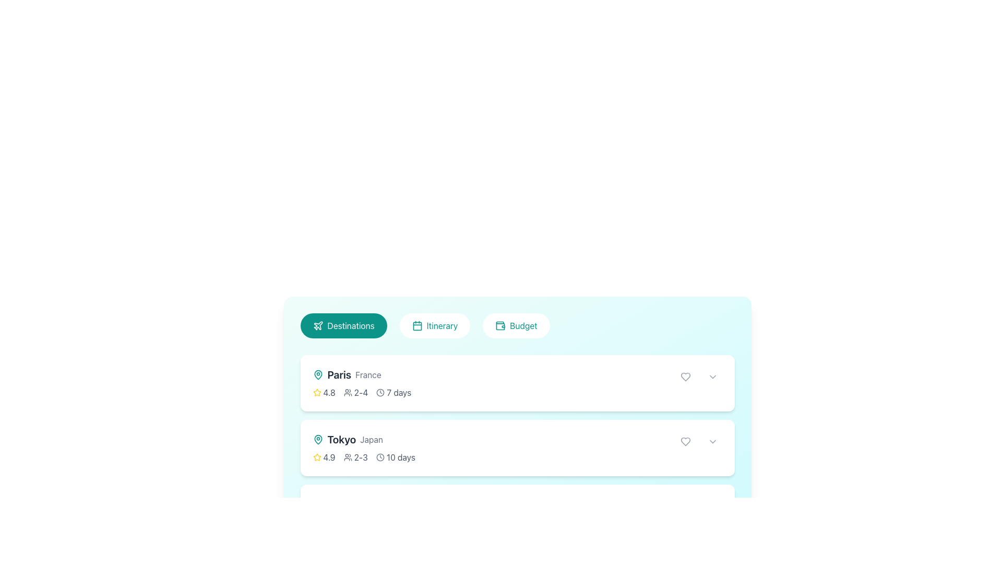 The image size is (1002, 564). Describe the element at coordinates (339, 374) in the screenshot. I see `the static text element displaying the name 'Paris', which is the second item in a horizontal layout, located in a travel destination list` at that location.